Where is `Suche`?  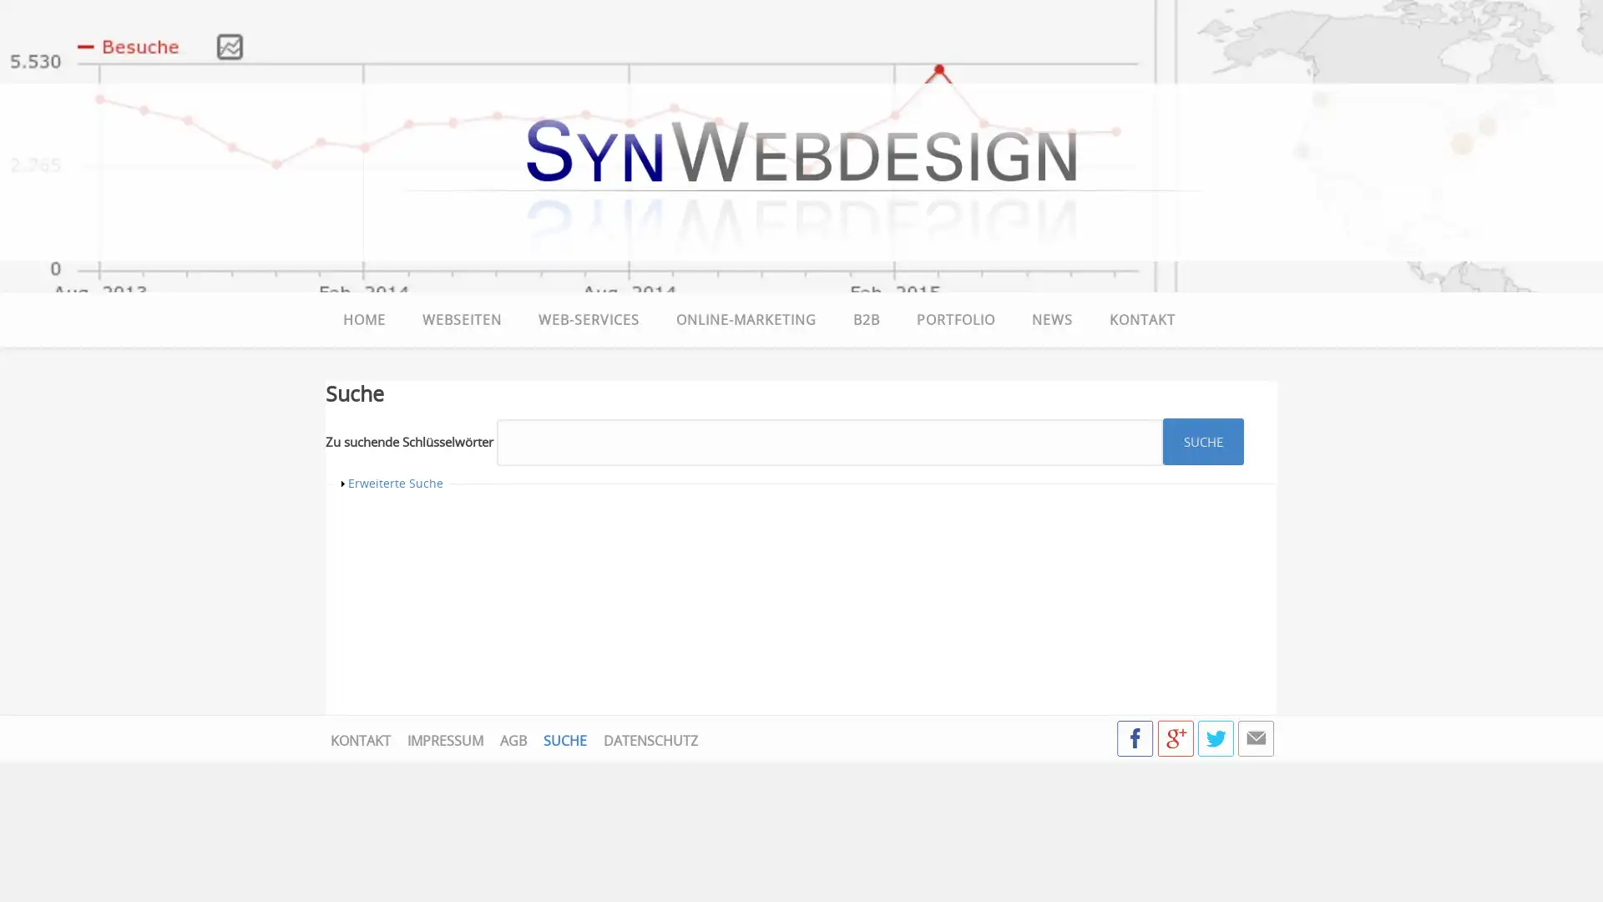
Suche is located at coordinates (1203, 440).